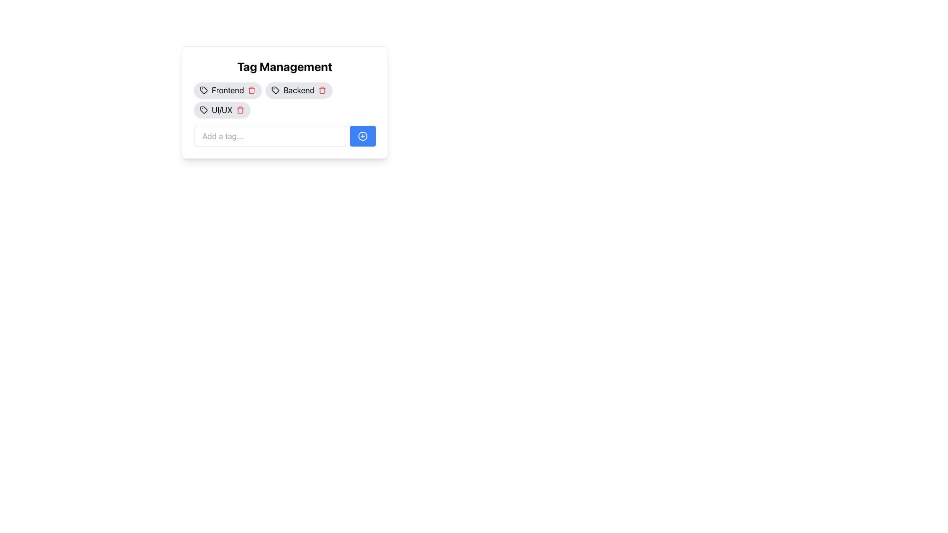 This screenshot has width=948, height=533. What do you see at coordinates (362, 136) in the screenshot?
I see `the 'Add Tag' button located immediately to the right of the input field labeled 'Add a tag...'` at bounding box center [362, 136].